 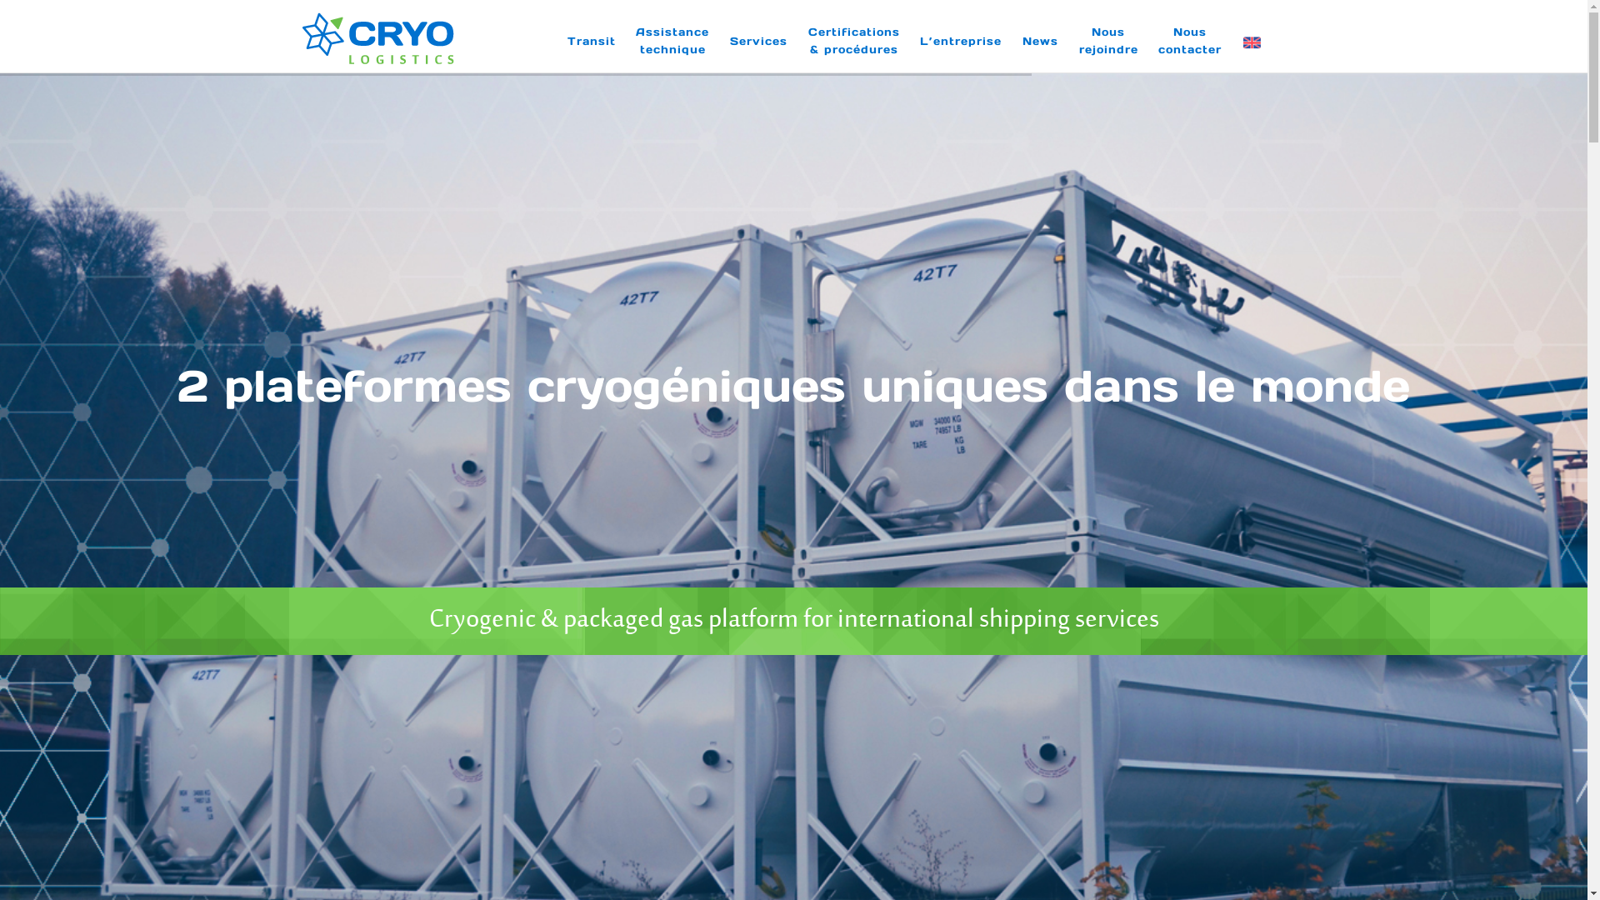 I want to click on 'Nous, so click(x=1189, y=40).